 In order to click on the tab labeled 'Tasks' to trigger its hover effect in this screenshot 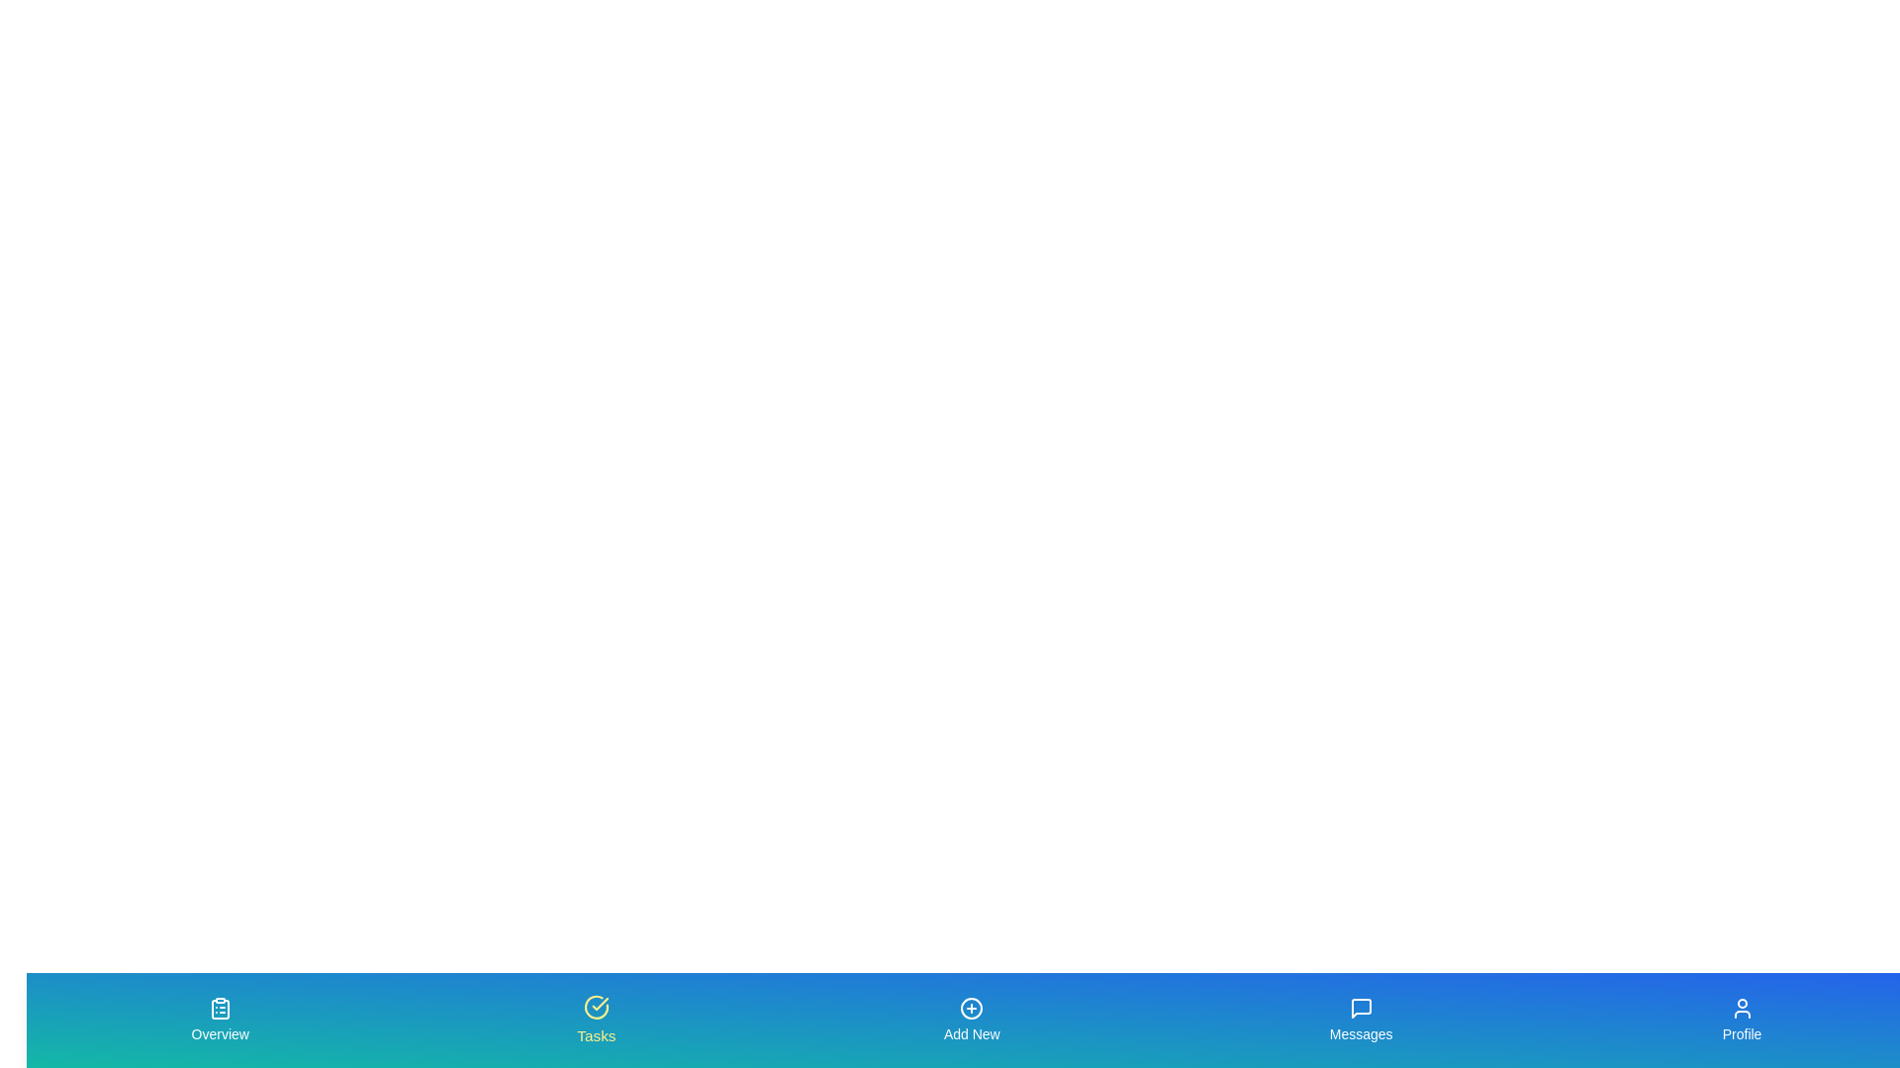, I will do `click(595, 1021)`.